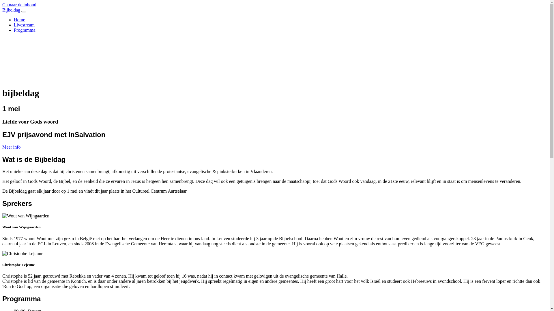 Image resolution: width=554 pixels, height=311 pixels. What do you see at coordinates (19, 5) in the screenshot?
I see `'Ga naar de inhoud'` at bounding box center [19, 5].